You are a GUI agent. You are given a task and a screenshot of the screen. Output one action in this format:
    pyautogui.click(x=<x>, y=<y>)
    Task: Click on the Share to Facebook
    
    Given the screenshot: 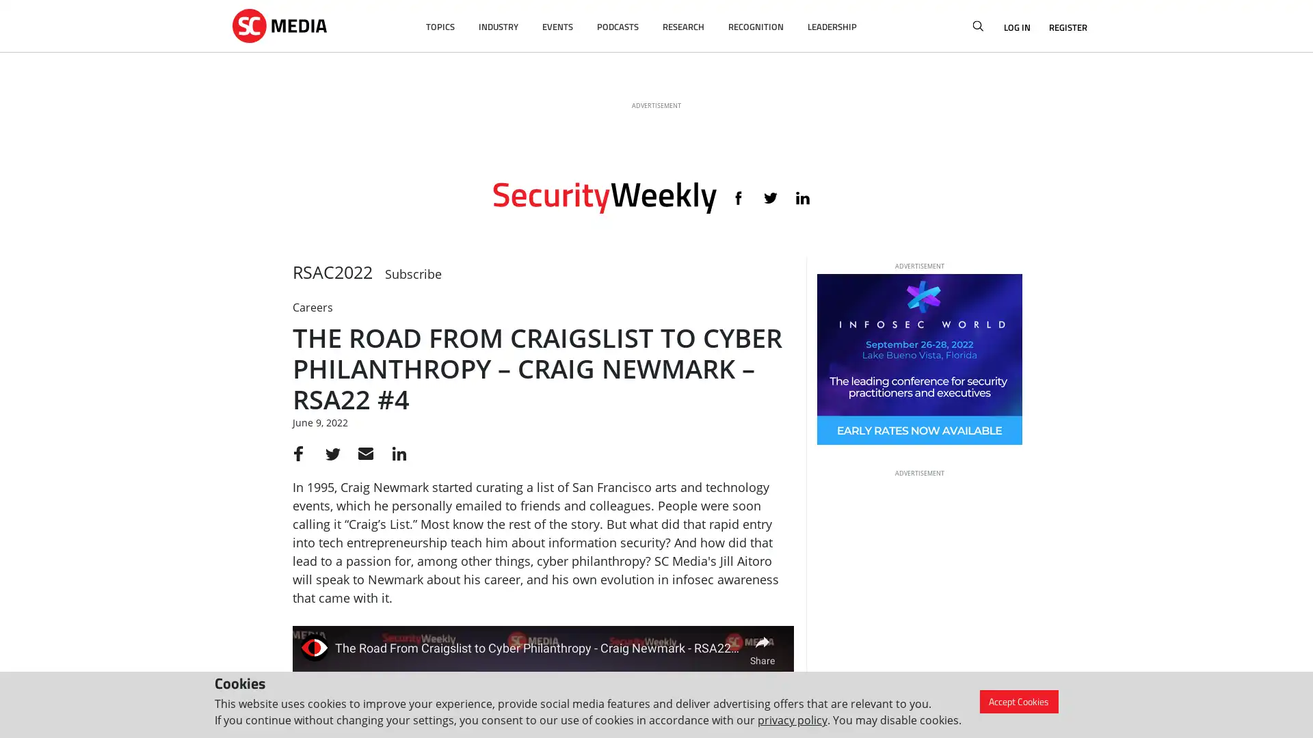 What is the action you would take?
    pyautogui.click(x=297, y=453)
    